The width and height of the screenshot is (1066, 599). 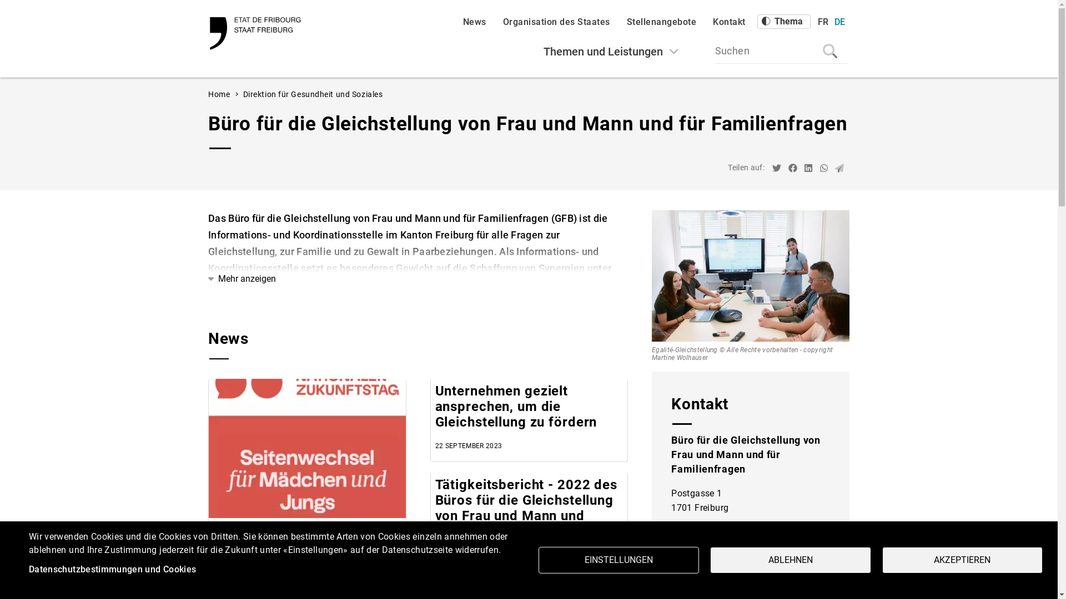 What do you see at coordinates (618, 560) in the screenshot?
I see `'EINSTELLUNGEN'` at bounding box center [618, 560].